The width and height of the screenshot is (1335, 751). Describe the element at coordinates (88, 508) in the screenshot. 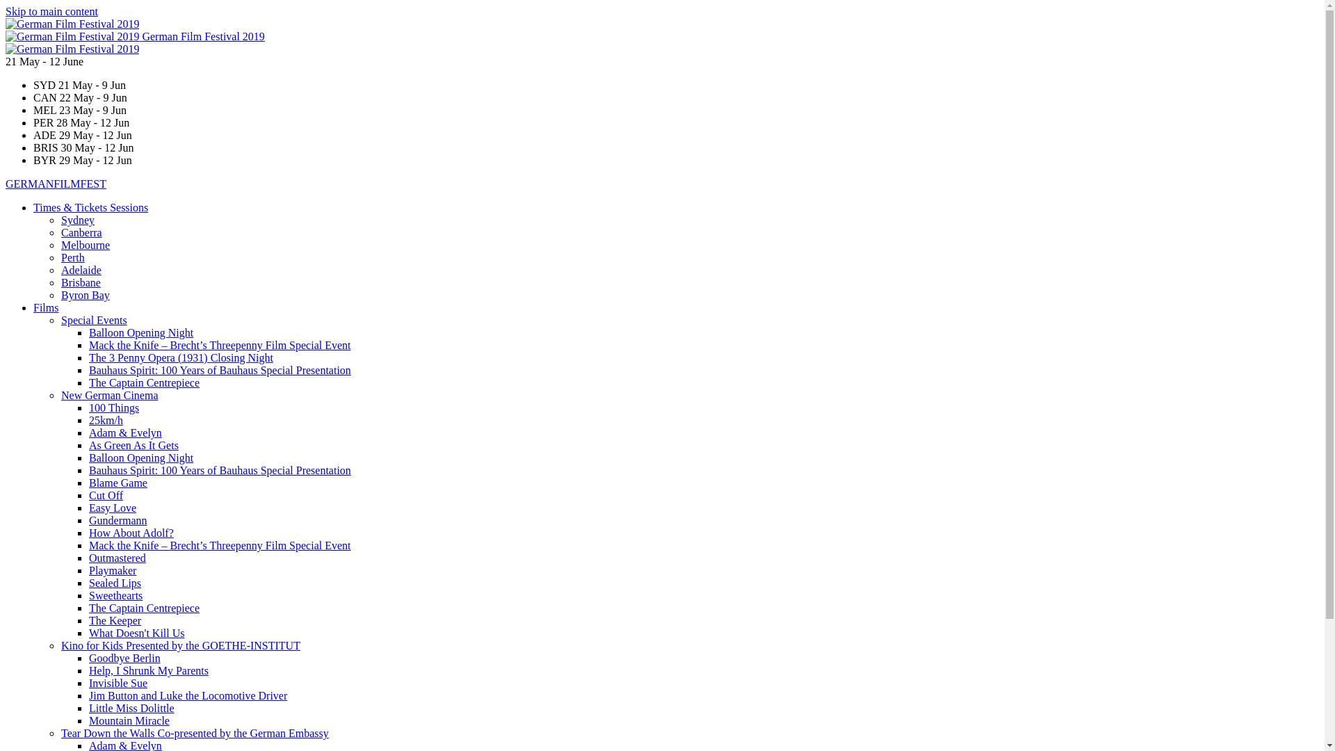

I see `'Easy Love'` at that location.